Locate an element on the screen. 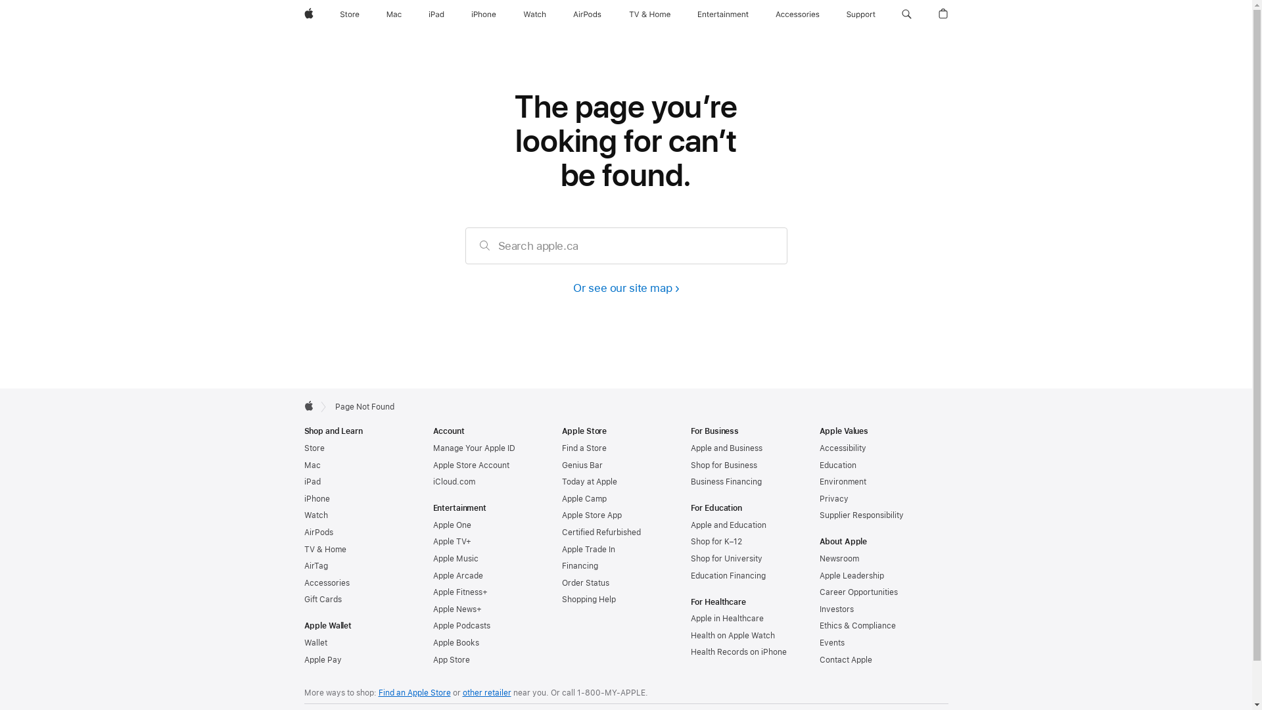 This screenshot has width=1262, height=710. 'Mac' is located at coordinates (302, 465).